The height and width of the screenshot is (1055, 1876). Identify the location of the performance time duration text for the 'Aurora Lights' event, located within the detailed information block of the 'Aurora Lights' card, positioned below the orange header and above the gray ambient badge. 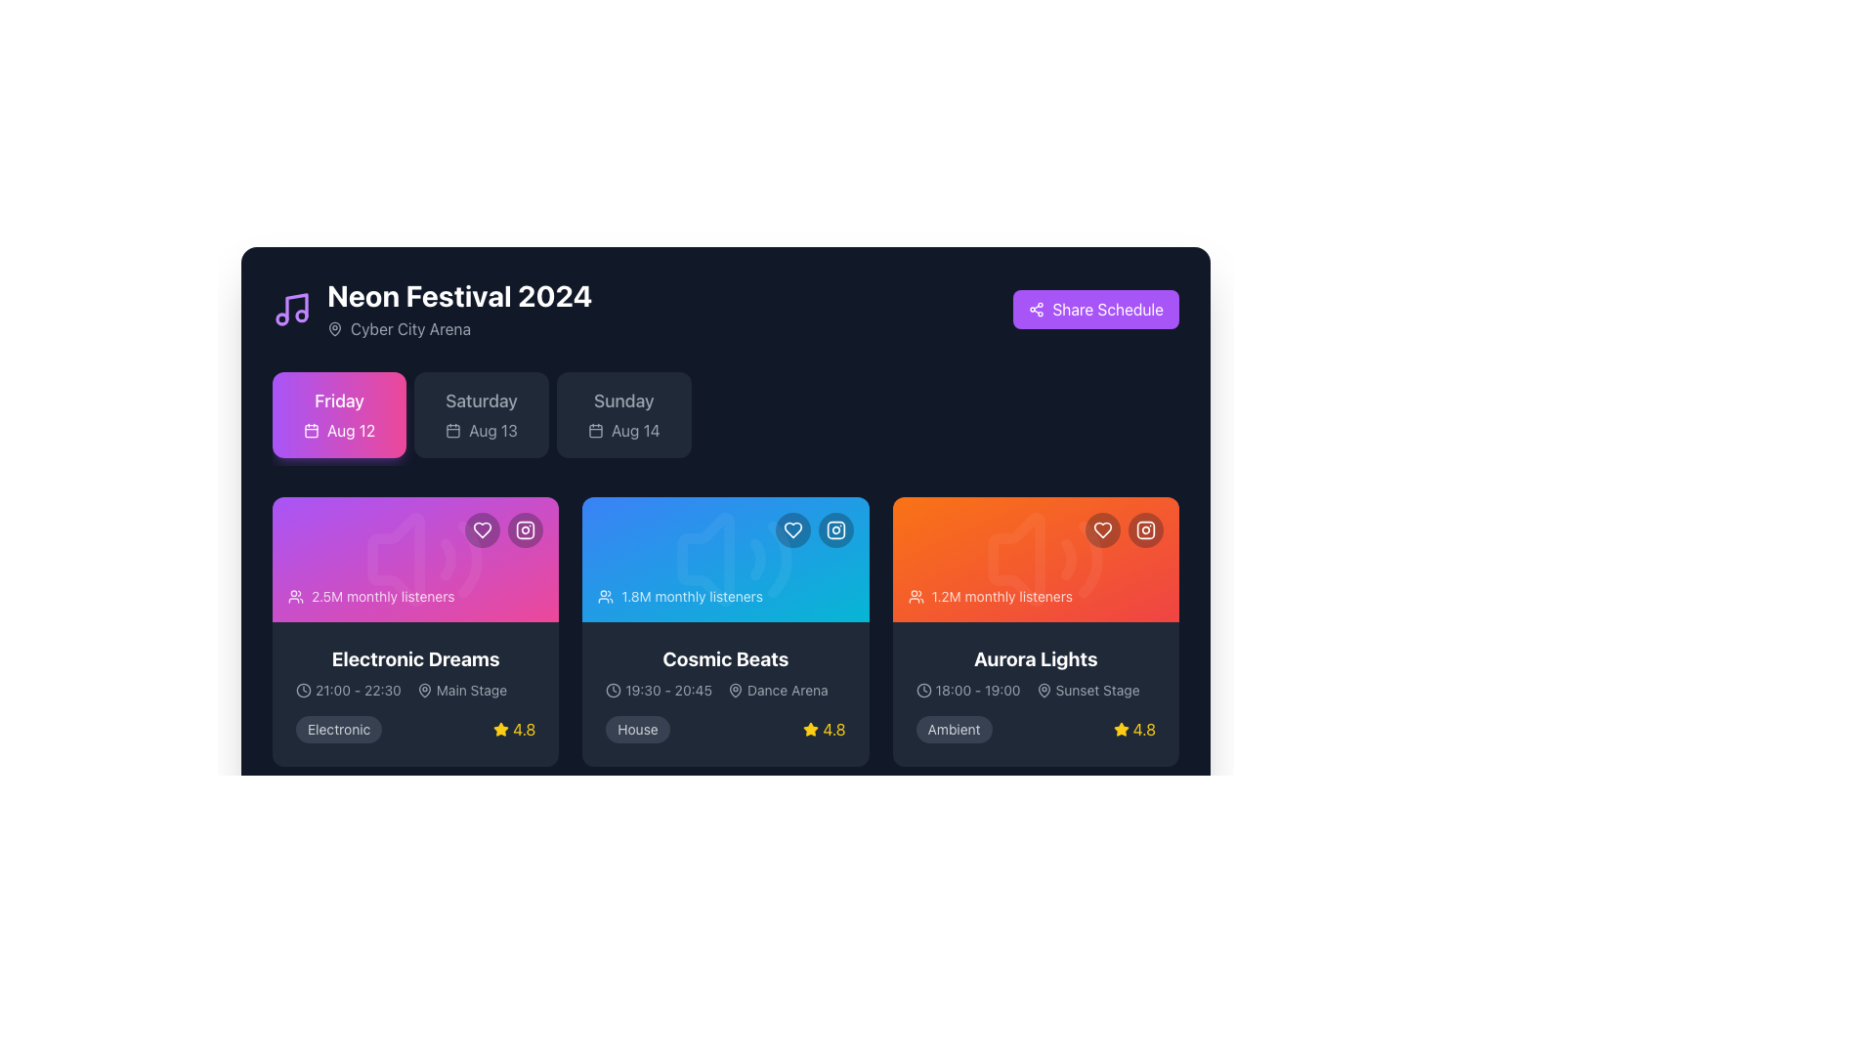
(968, 689).